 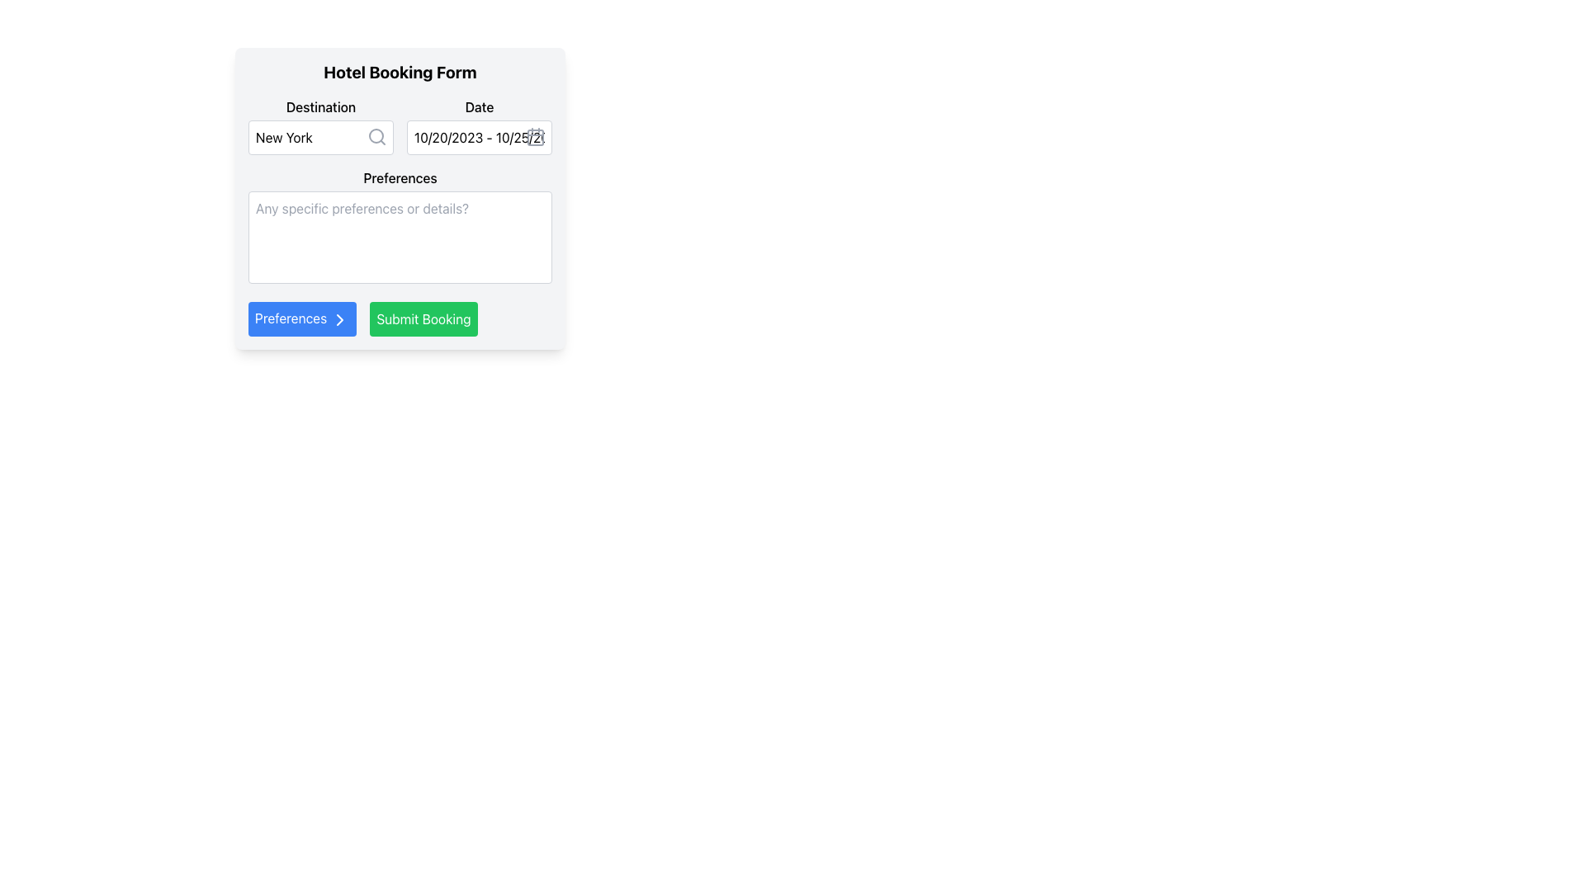 What do you see at coordinates (400, 178) in the screenshot?
I see `the label that describes the preferences section, positioned above the multi-line text input field` at bounding box center [400, 178].